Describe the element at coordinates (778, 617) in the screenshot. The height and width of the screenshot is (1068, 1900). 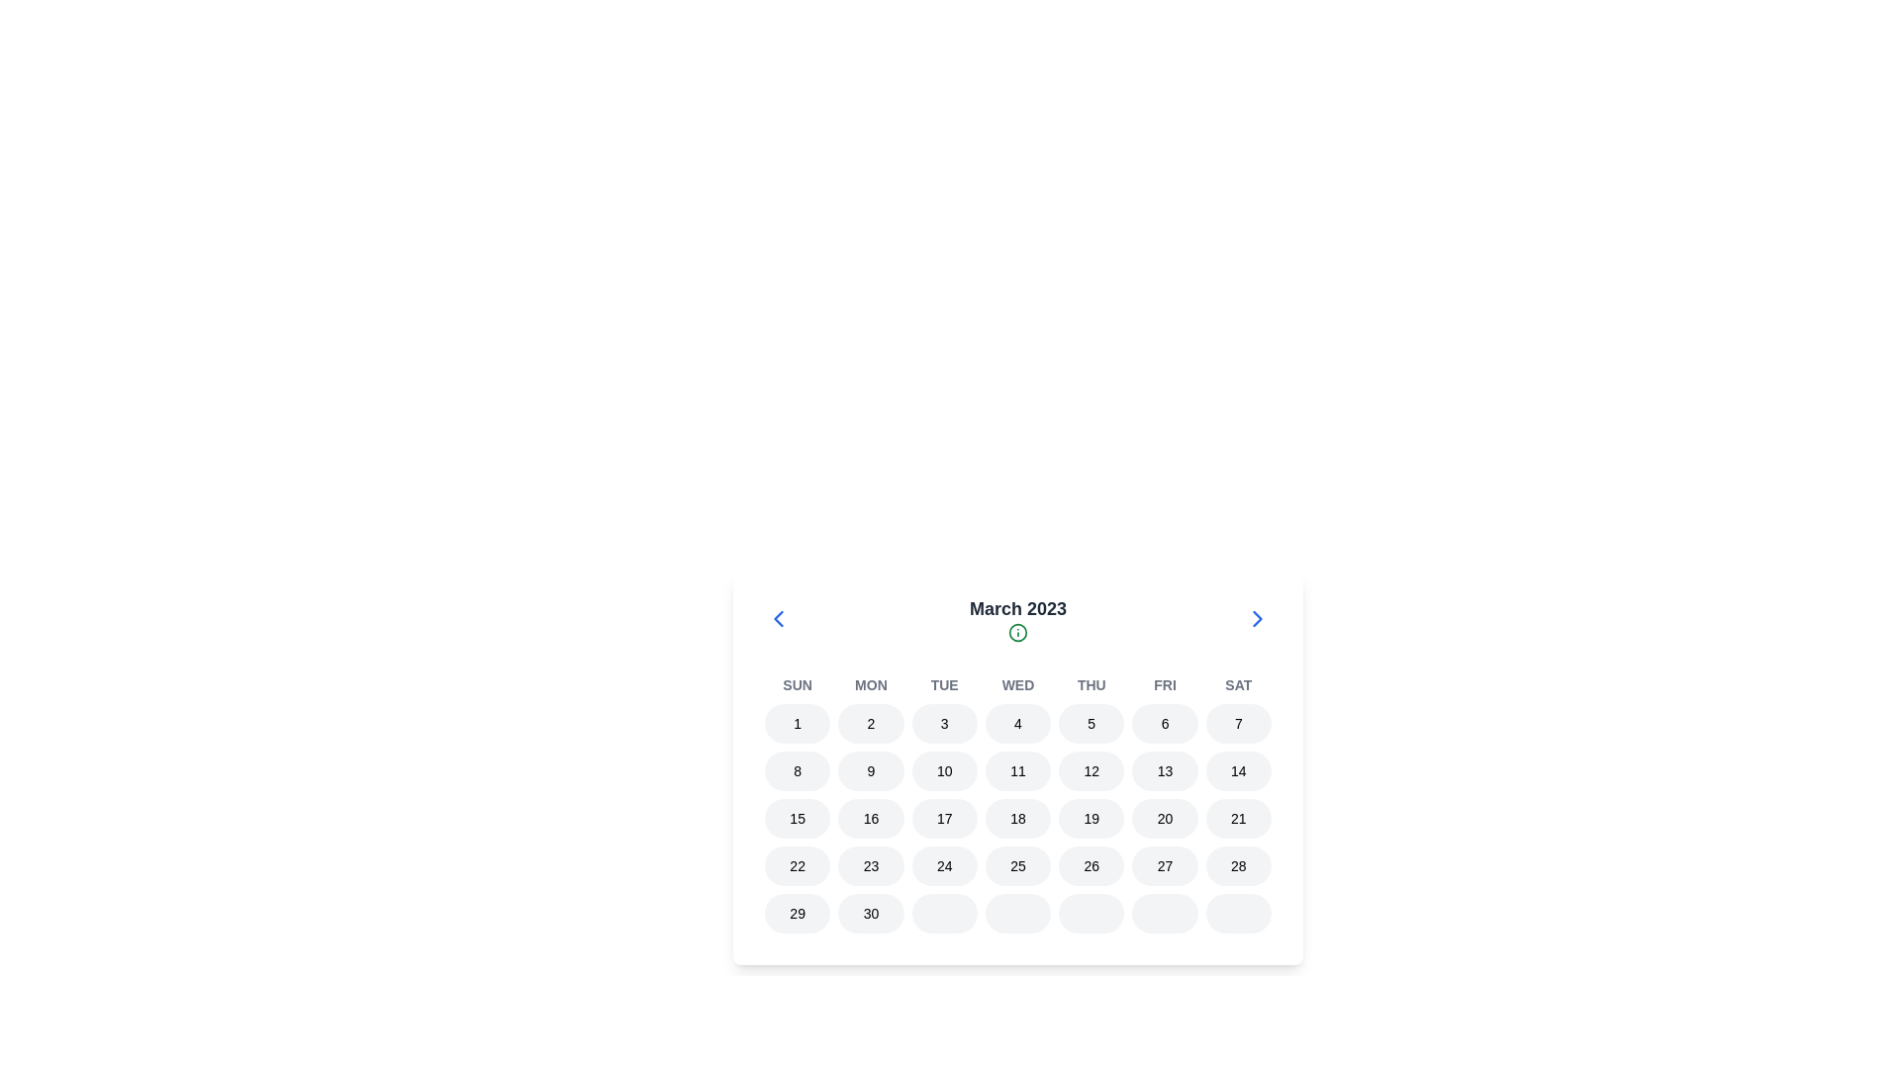
I see `the button that navigates to the previous month, located on the left side of the calendar header aligned with the 'March 2023' text for interaction feedback` at that location.